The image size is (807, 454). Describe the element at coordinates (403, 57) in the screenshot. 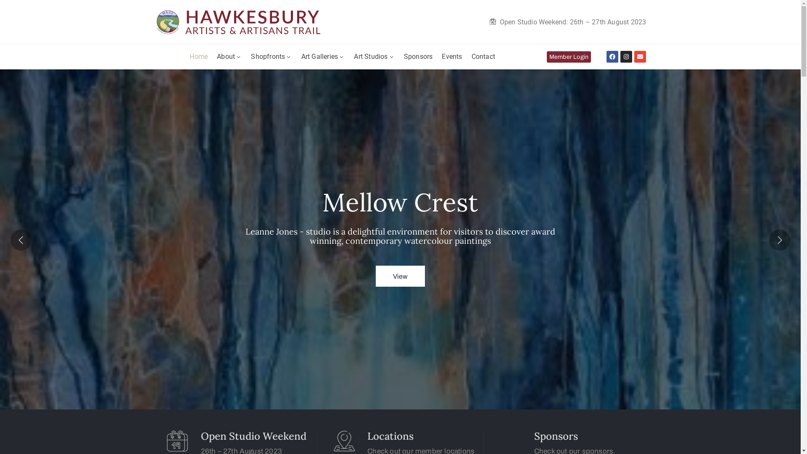

I see `'Sponsors'` at that location.